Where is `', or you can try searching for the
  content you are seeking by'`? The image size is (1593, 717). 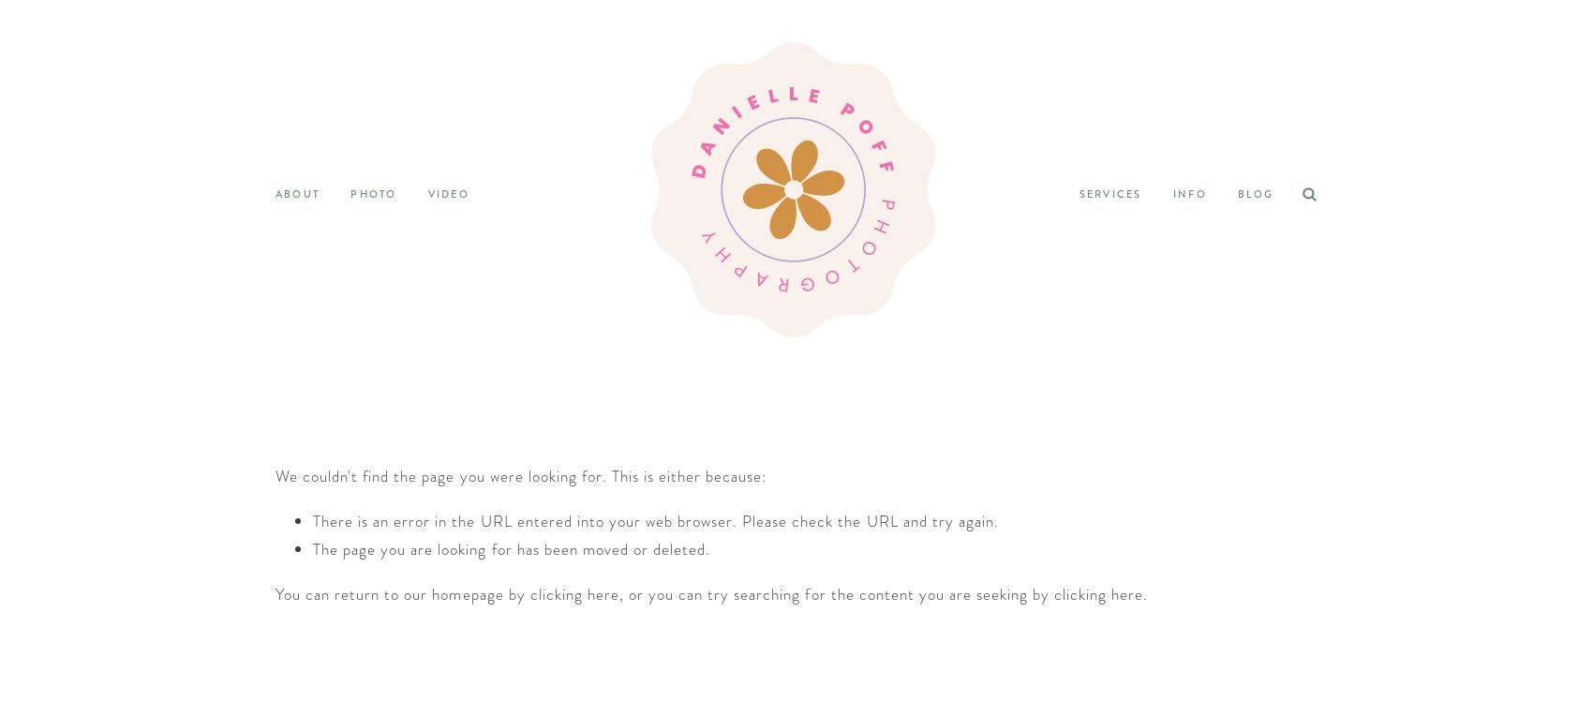 ', or you can try searching for the
  content you are seeking by' is located at coordinates (836, 592).